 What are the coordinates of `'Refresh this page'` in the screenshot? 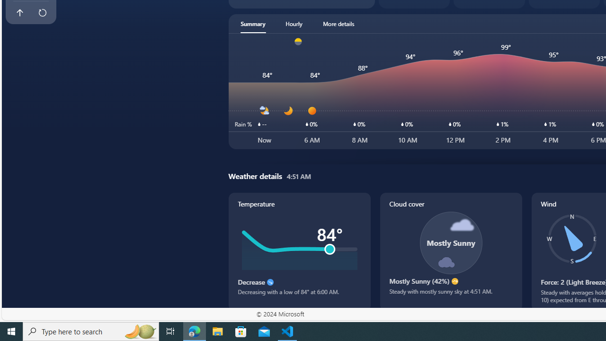 It's located at (42, 13).